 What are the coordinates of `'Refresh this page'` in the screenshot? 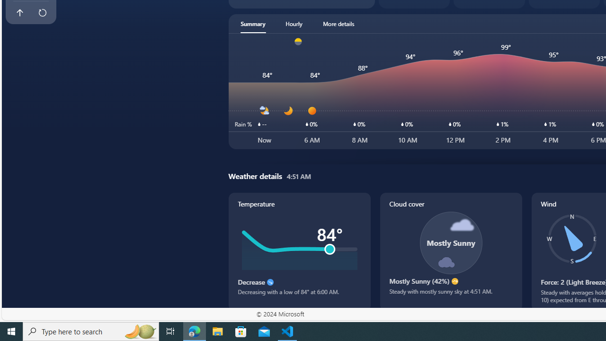 It's located at (42, 13).